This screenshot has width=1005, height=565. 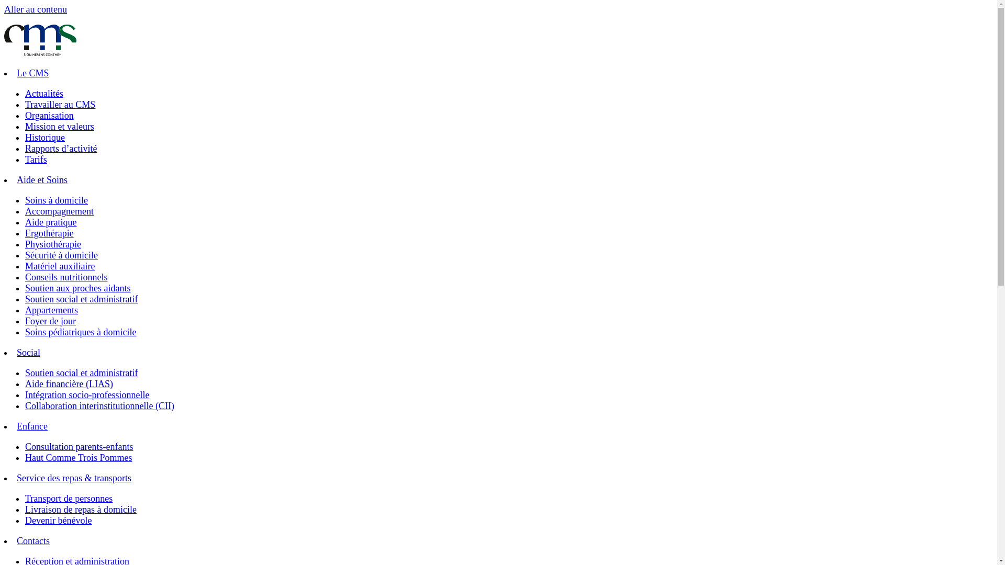 What do you see at coordinates (25, 137) in the screenshot?
I see `'Historique'` at bounding box center [25, 137].